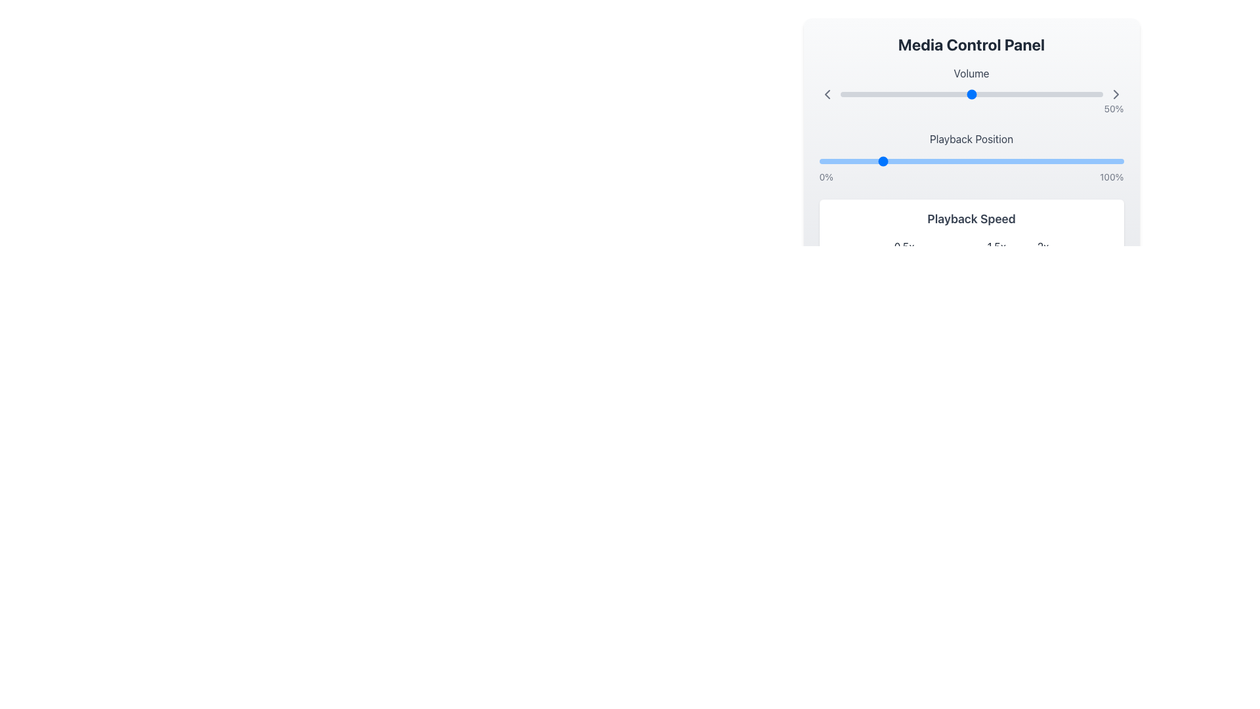  What do you see at coordinates (1026, 93) in the screenshot?
I see `the volume level` at bounding box center [1026, 93].